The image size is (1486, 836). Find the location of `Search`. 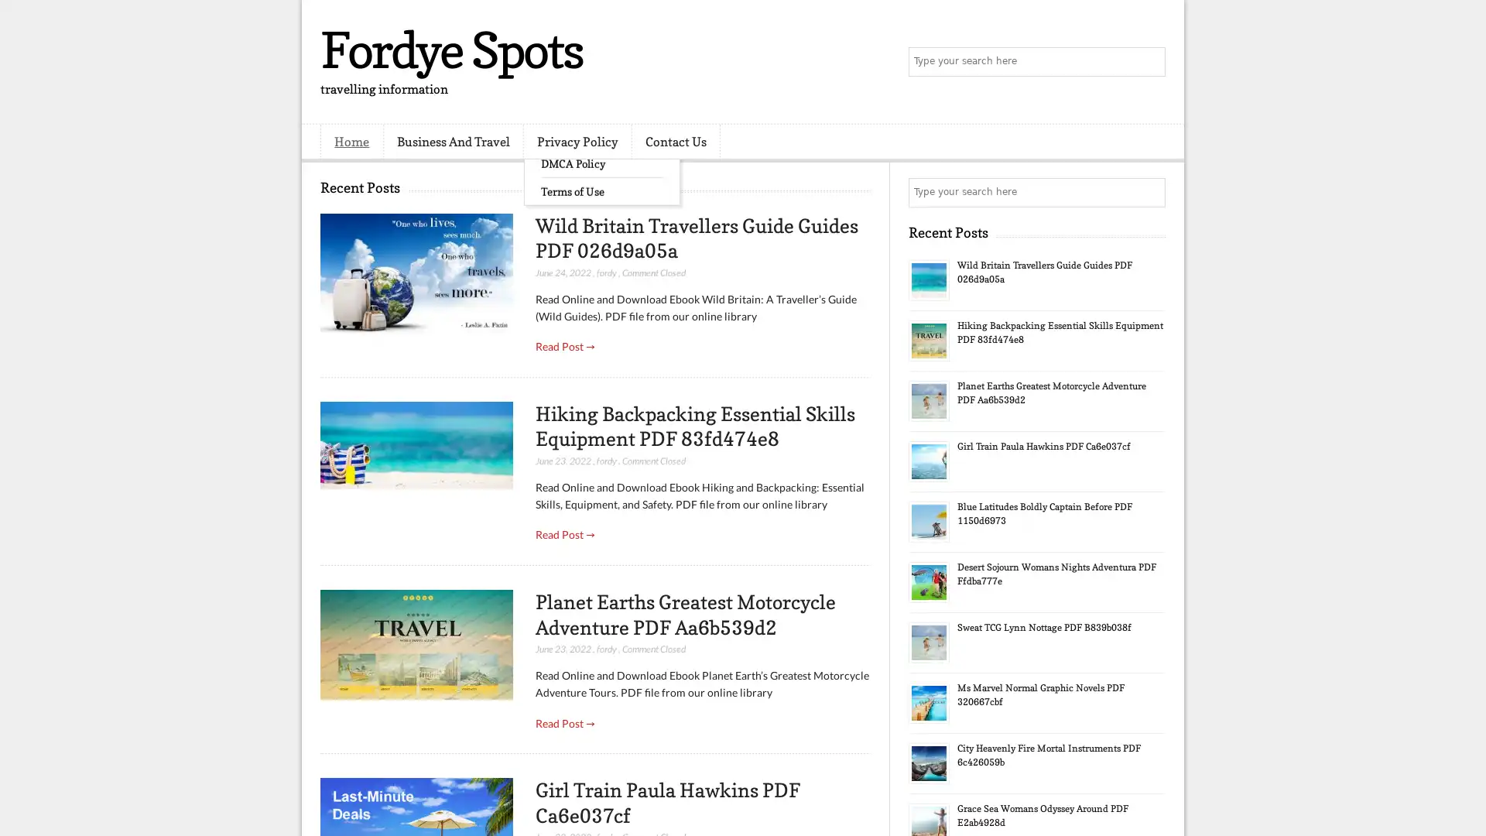

Search is located at coordinates (1149, 192).